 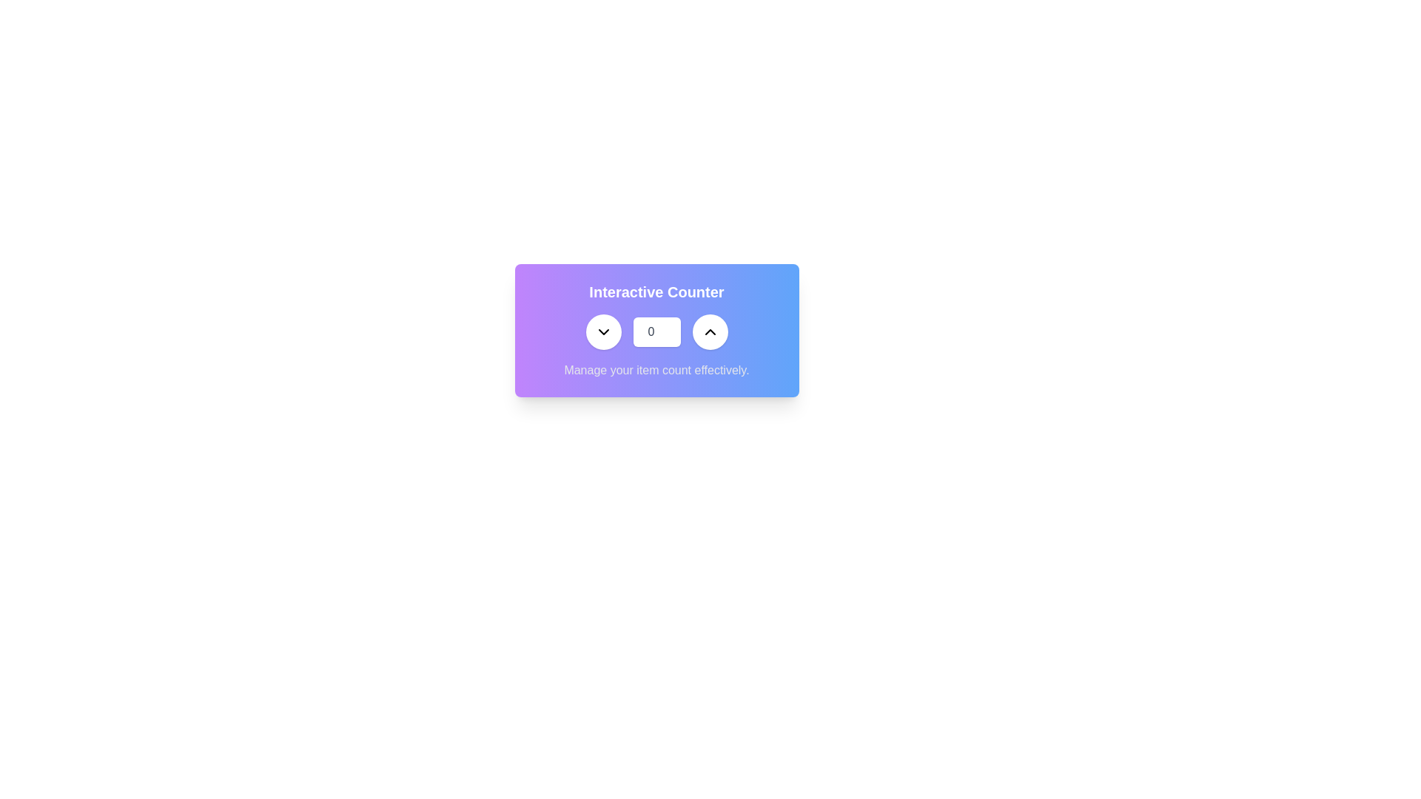 What do you see at coordinates (656, 291) in the screenshot?
I see `the 'Interactive Counter' text label, which is styled with a bold font and white color, located at the top of a rounded card against a gradient background transitioning from purple to blue` at bounding box center [656, 291].